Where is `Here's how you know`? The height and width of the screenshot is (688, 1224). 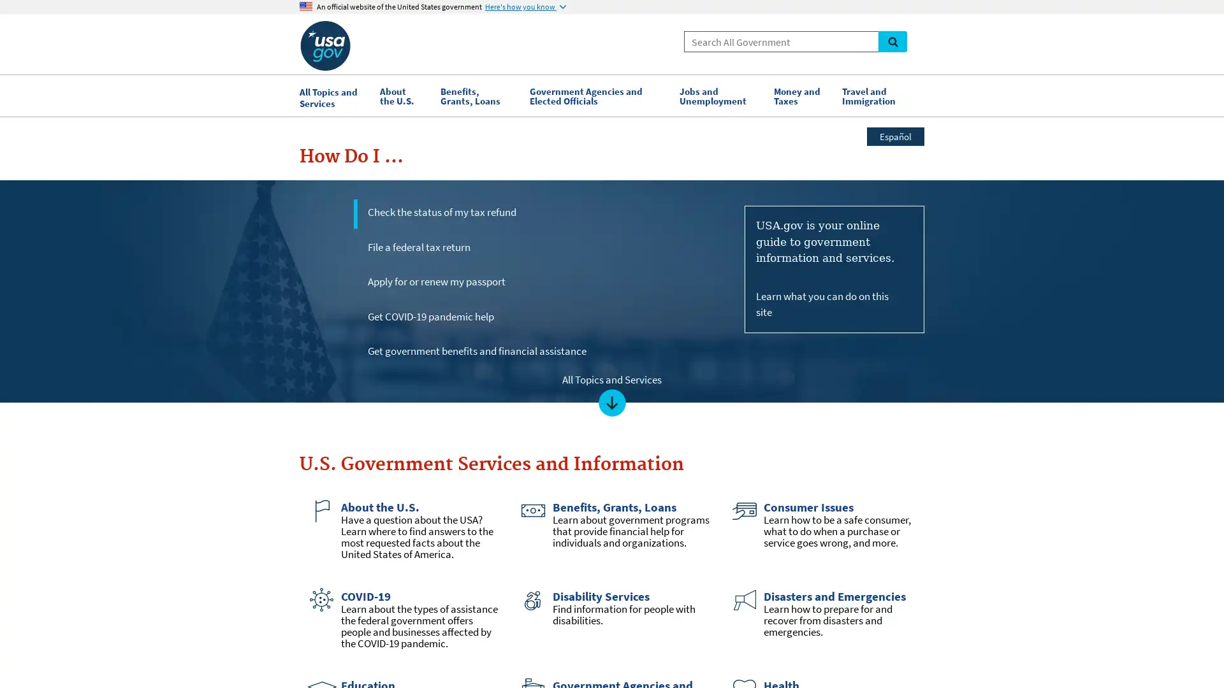
Here's how you know is located at coordinates (525, 7).